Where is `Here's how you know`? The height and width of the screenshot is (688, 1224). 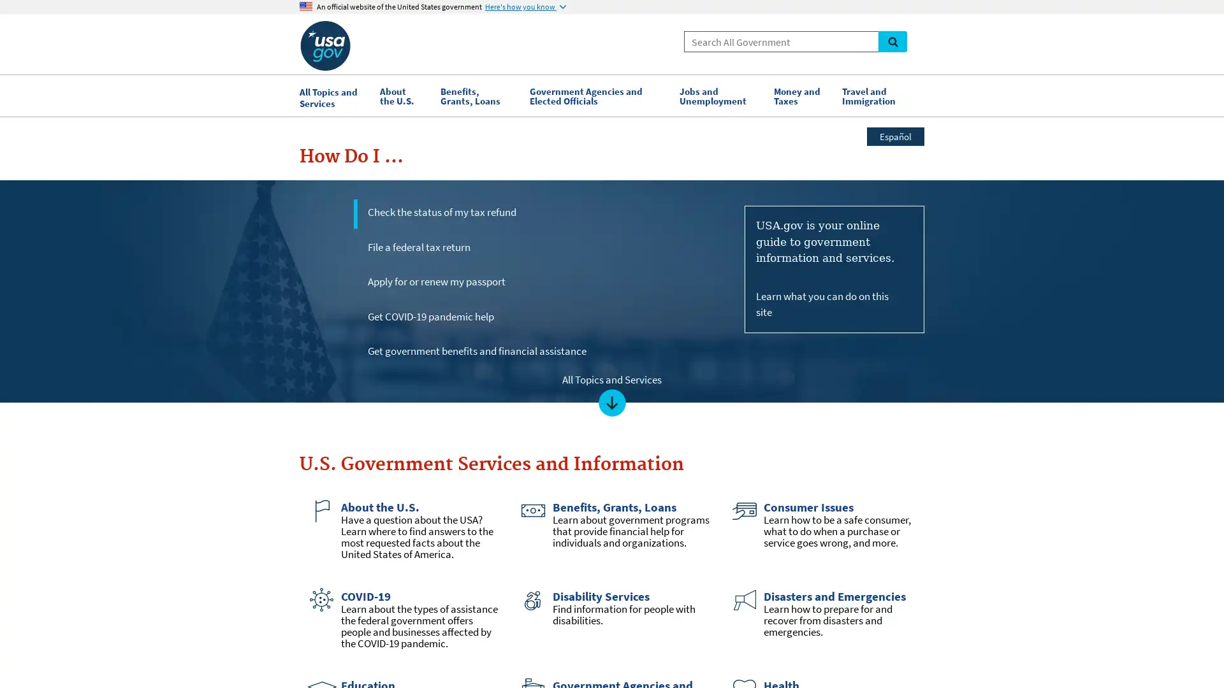
Here's how you know is located at coordinates (525, 7).